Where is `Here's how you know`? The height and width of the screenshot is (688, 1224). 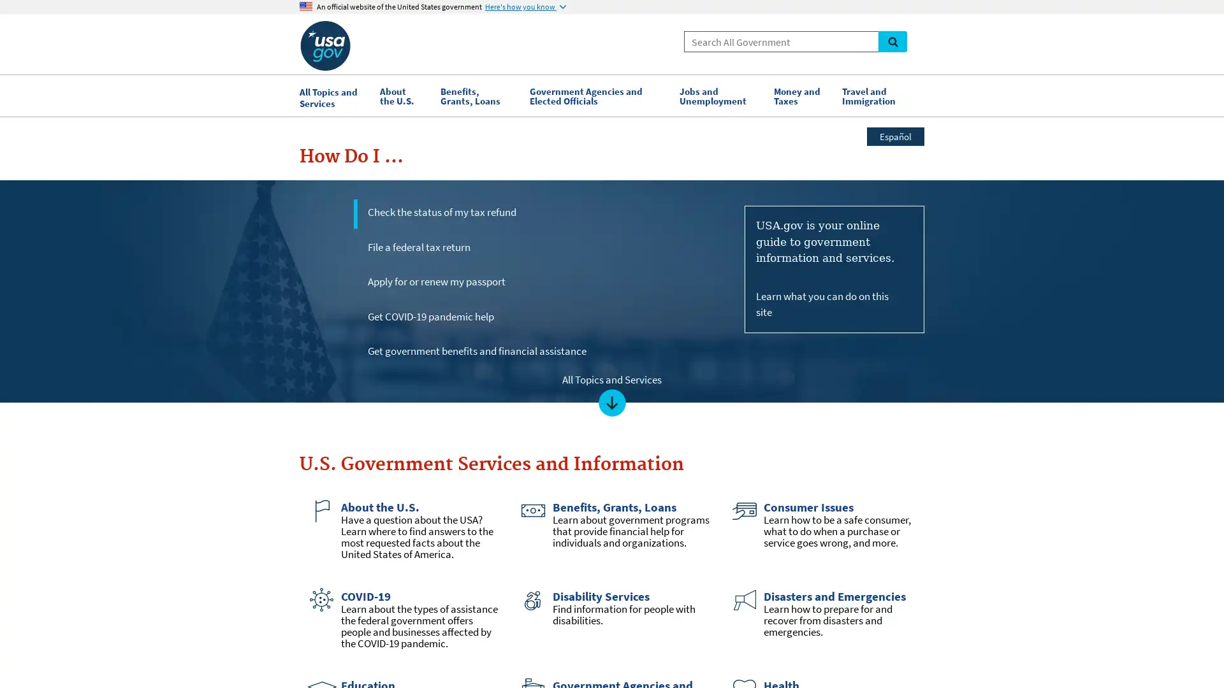
Here's how you know is located at coordinates (525, 7).